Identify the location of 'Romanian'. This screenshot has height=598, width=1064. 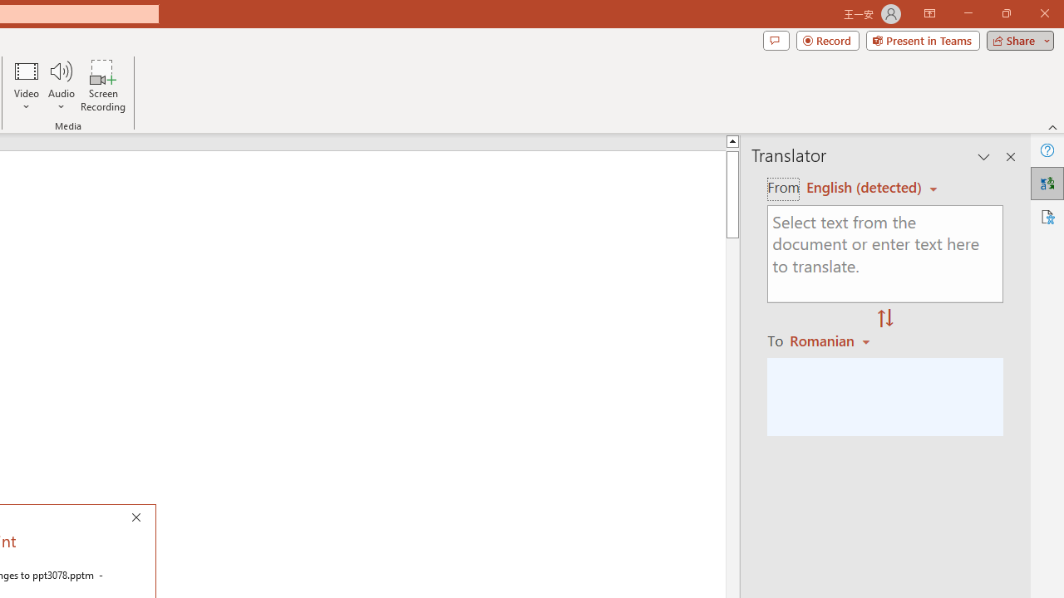
(832, 340).